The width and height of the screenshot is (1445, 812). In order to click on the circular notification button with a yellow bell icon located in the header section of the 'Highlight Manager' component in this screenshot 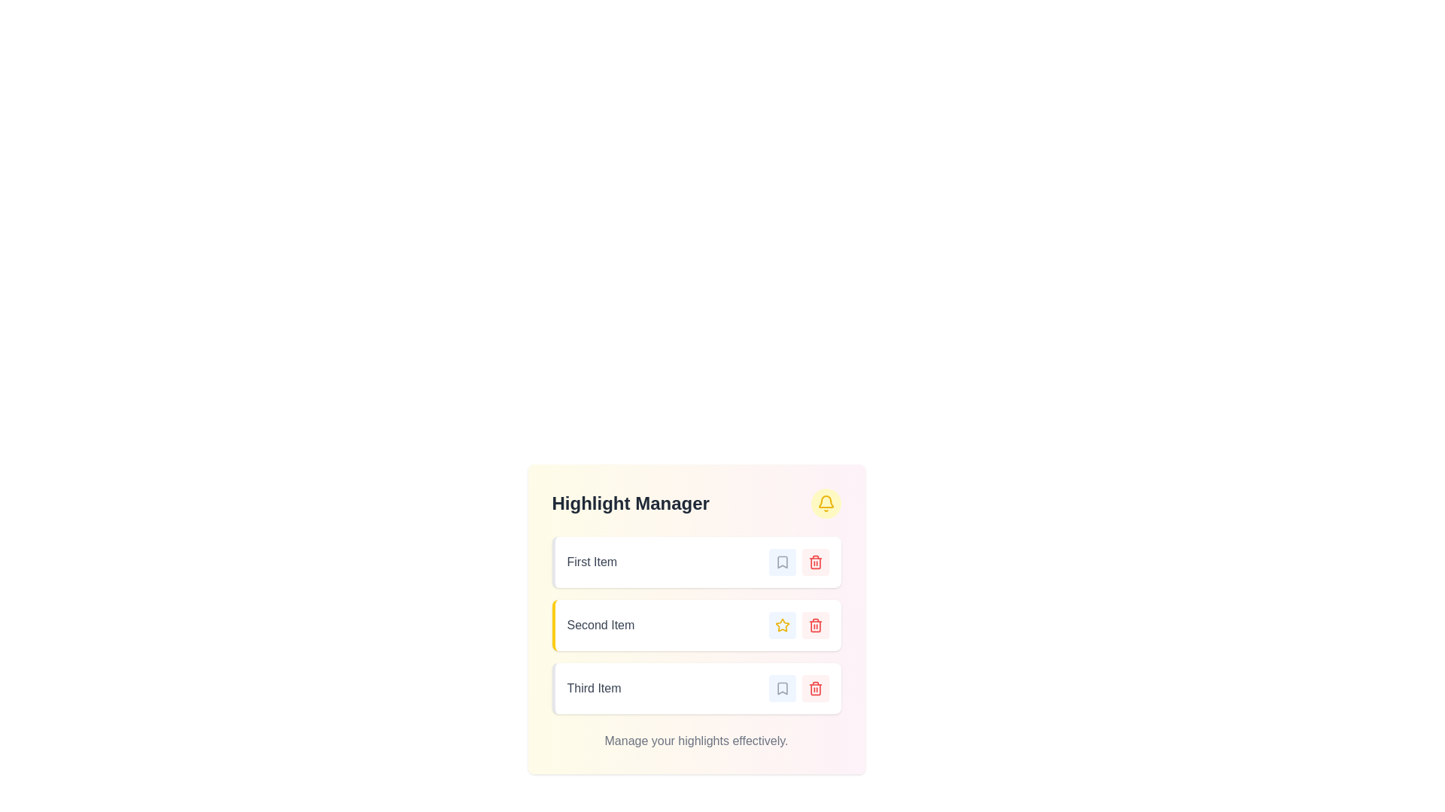, I will do `click(825, 504)`.